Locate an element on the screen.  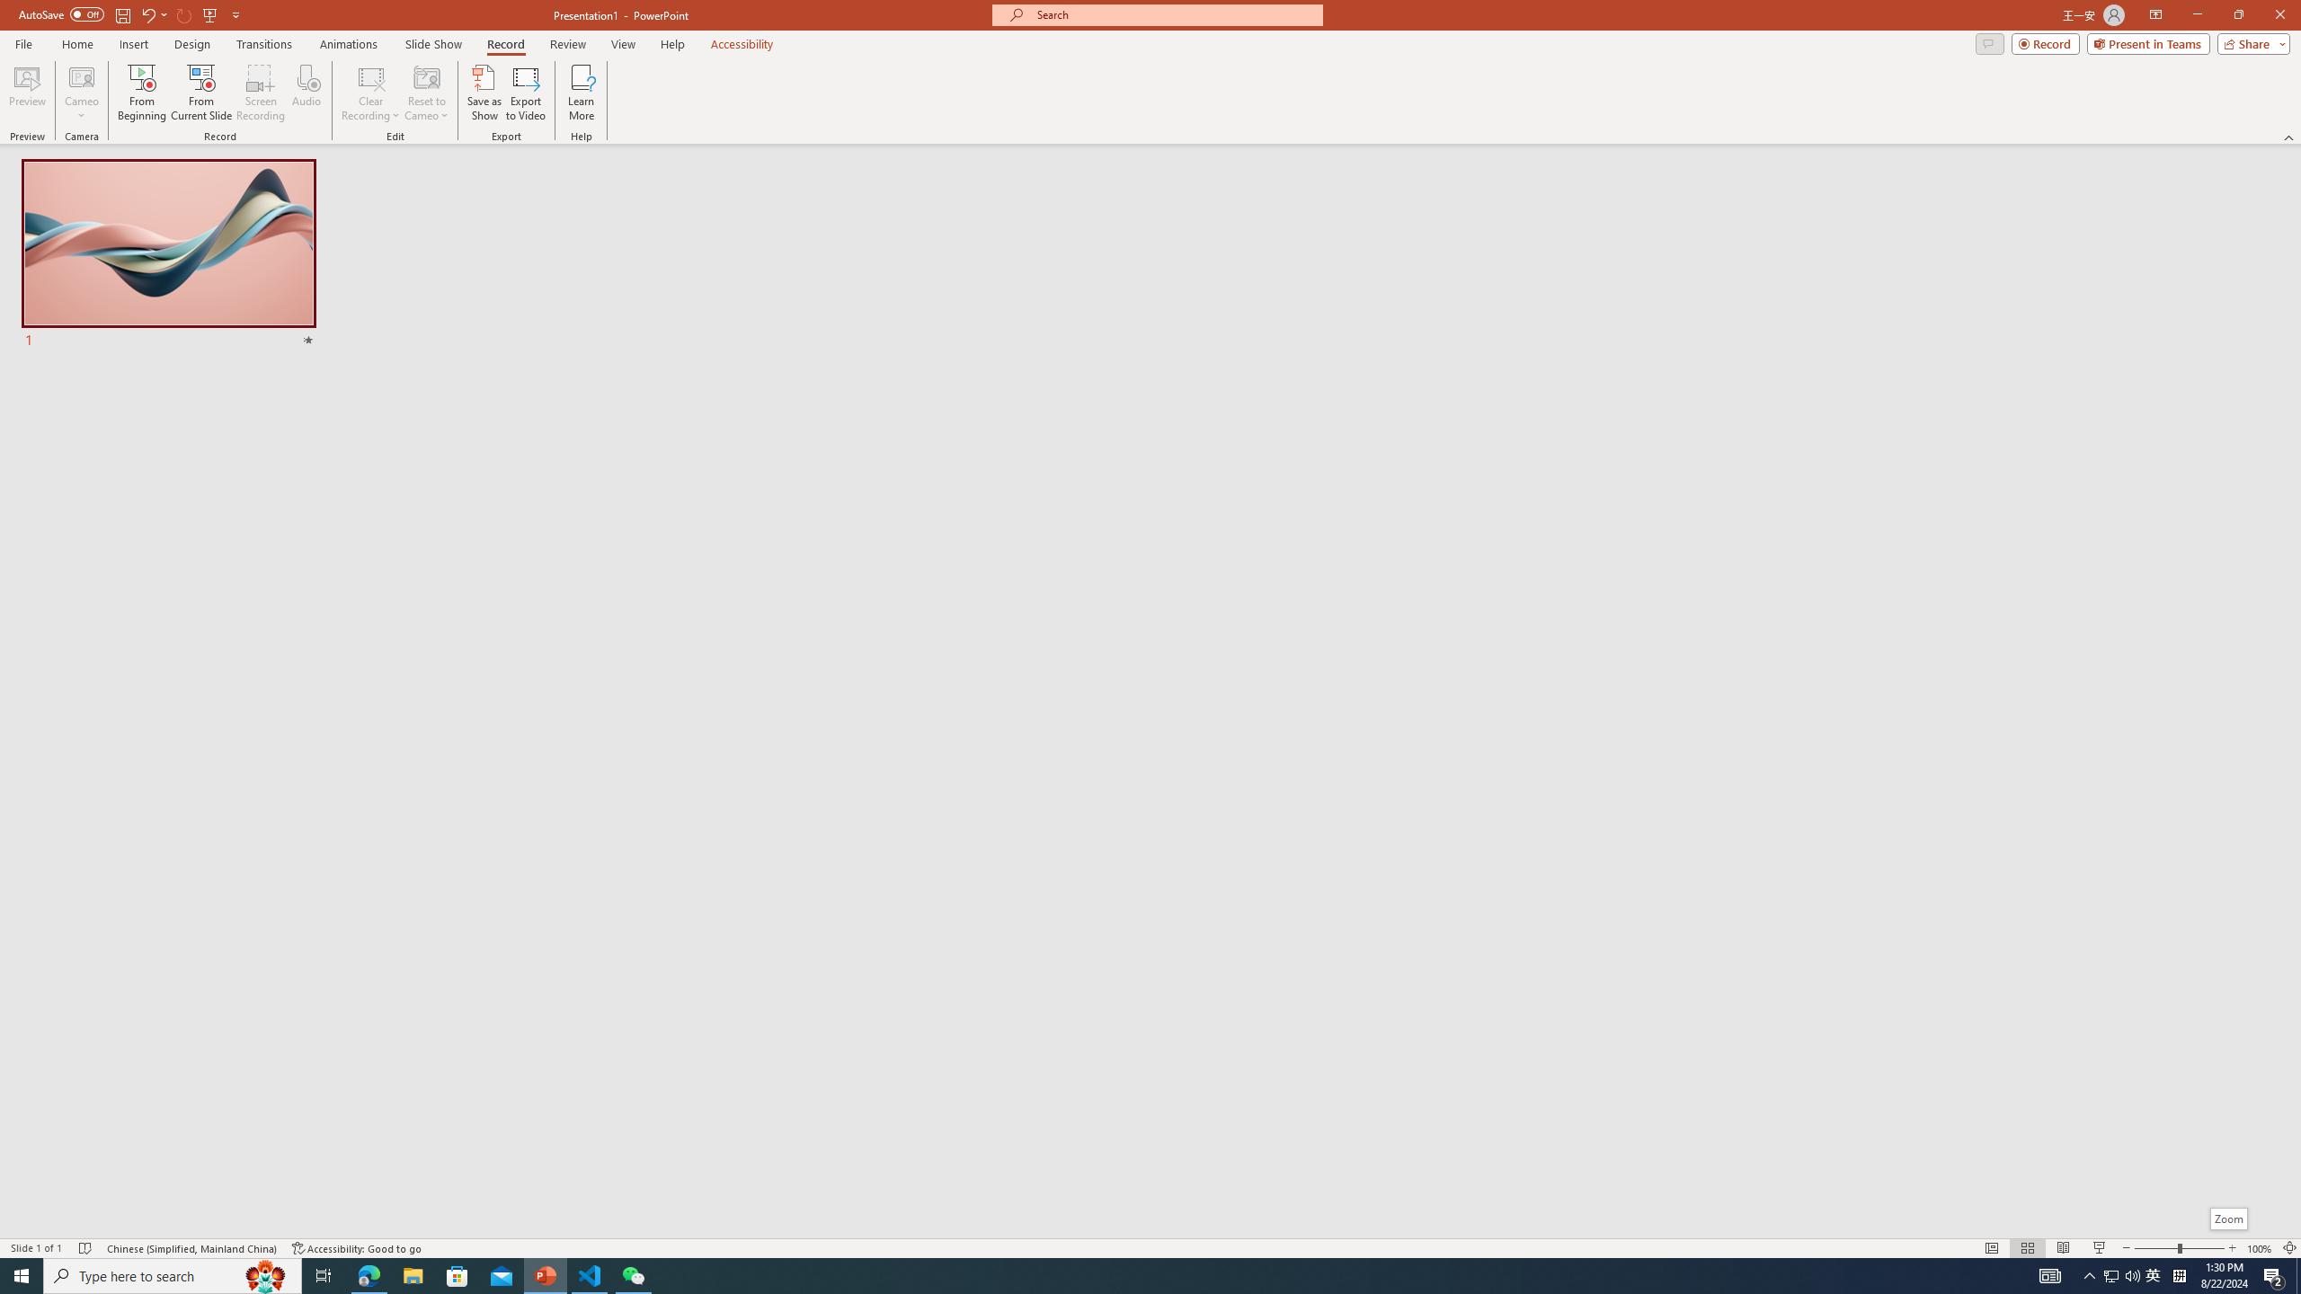
'Cameo' is located at coordinates (80, 93).